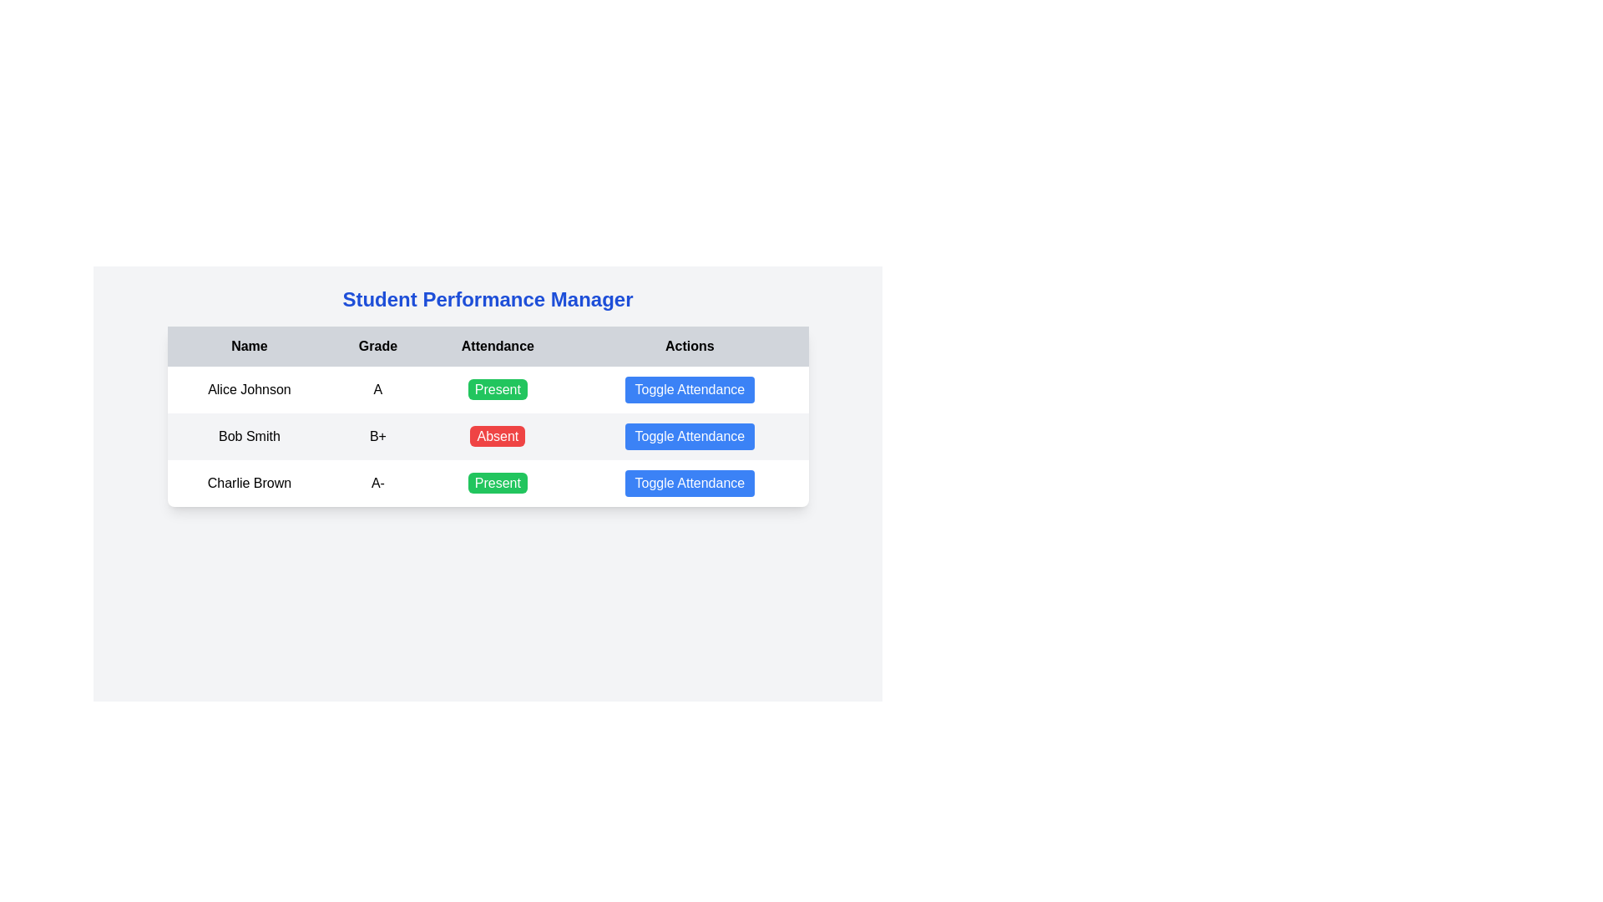  What do you see at coordinates (377, 483) in the screenshot?
I see `the static text element indicating the grade of the student 'Charlie Brown', located in the third row of the table under the 'Grade' column` at bounding box center [377, 483].